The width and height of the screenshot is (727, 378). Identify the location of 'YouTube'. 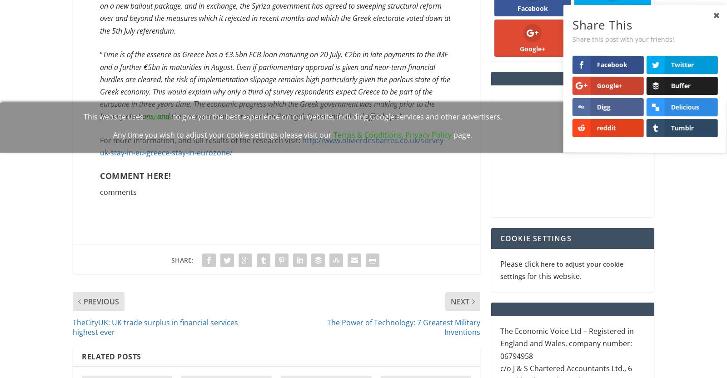
(612, 50).